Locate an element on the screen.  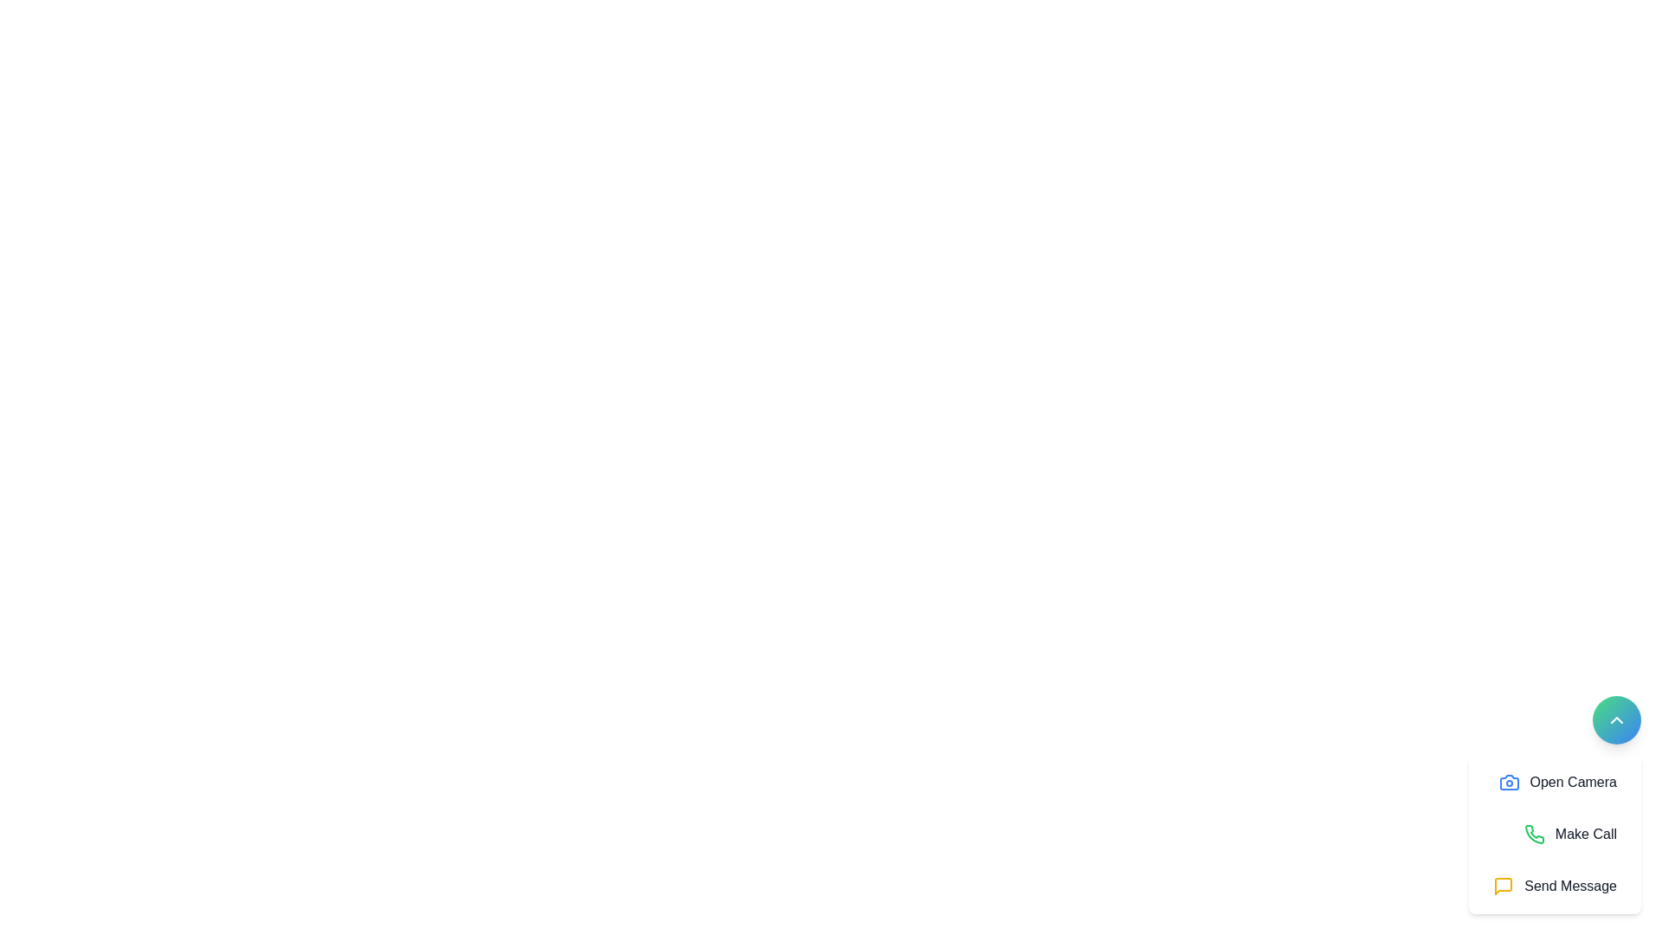
the messaging button located at the bottom of the vertical menu, which is the last option below 'Make Call' and 'Open Camera' is located at coordinates (1555, 886).